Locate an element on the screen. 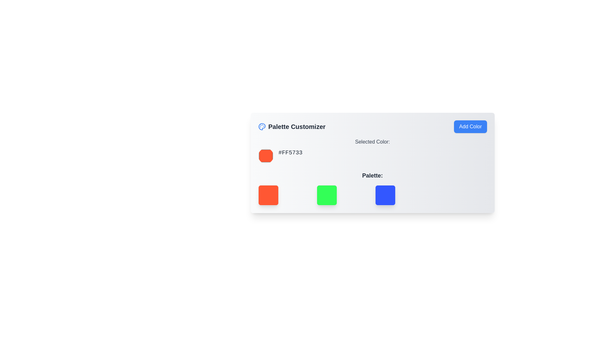  the Text Display element that shows the hexadecimal color code for the selected color, positioned to the right of the circular color swatch in the 'Selected Color' section is located at coordinates (290, 156).